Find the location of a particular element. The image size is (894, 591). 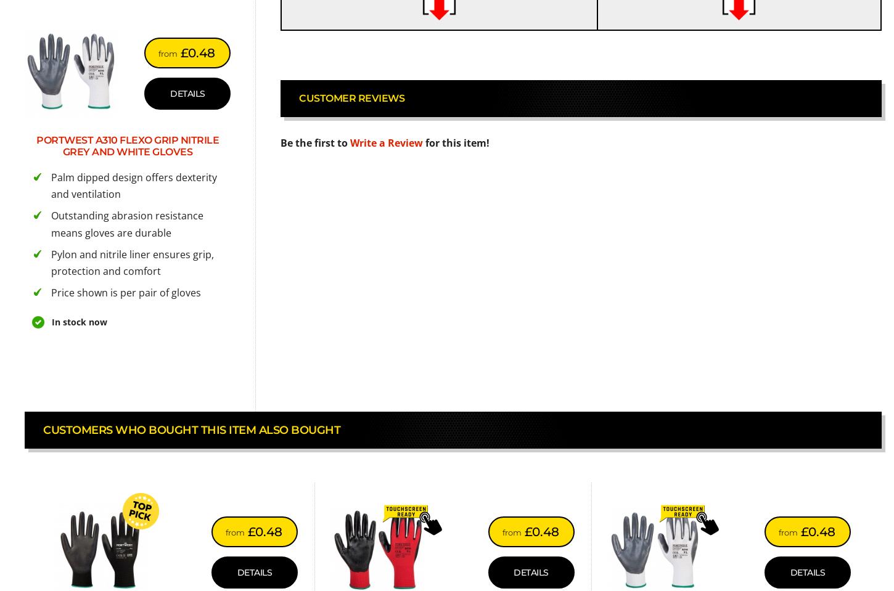

'Customer Reviews' is located at coordinates (351, 97).